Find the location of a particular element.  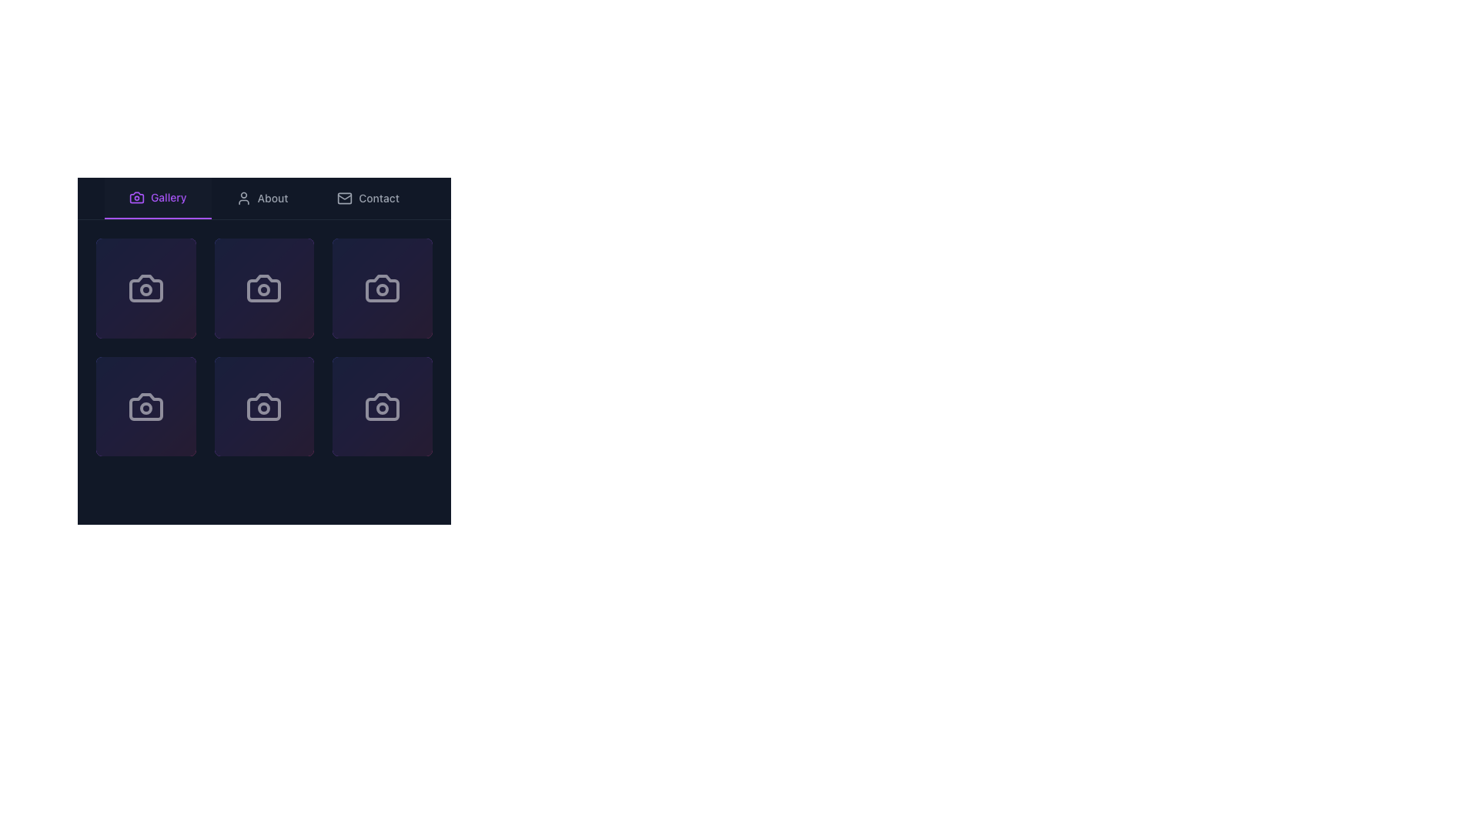

the circular graphic detail representing the camera's lens in the middle row, second column of a 3x2 grid of icons is located at coordinates (264, 407).